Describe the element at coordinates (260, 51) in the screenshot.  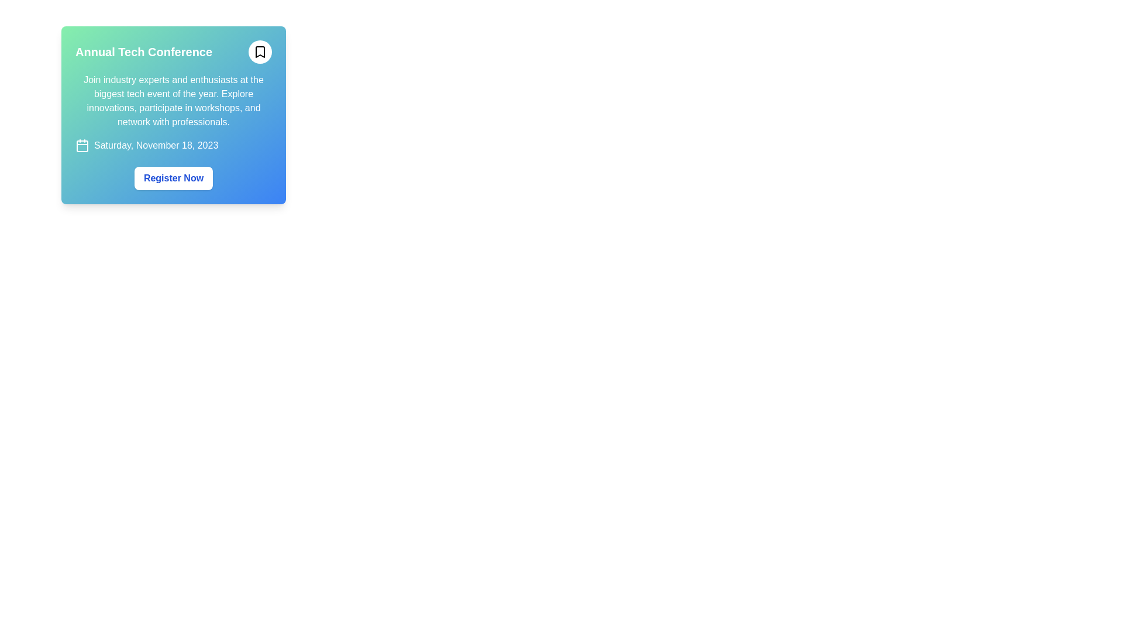
I see `the bookmark icon located at the top-right corner of the 'Annual Tech Conference' section` at that location.